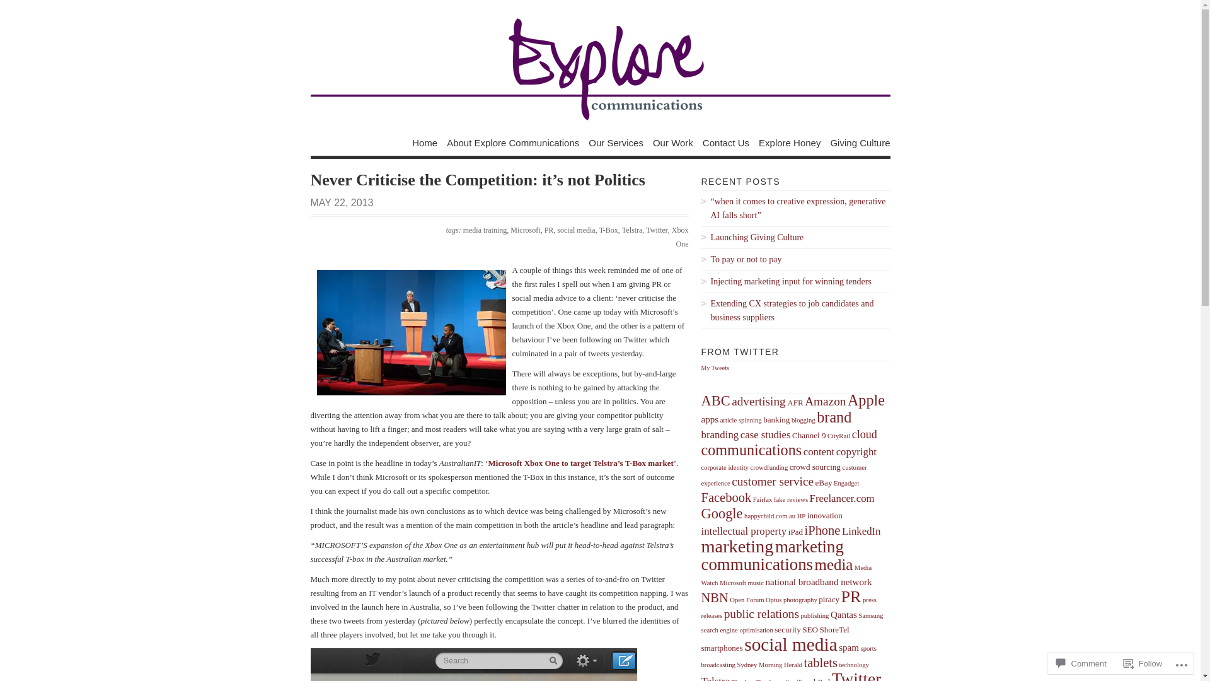  Describe the element at coordinates (865, 400) in the screenshot. I see `'Apple'` at that location.